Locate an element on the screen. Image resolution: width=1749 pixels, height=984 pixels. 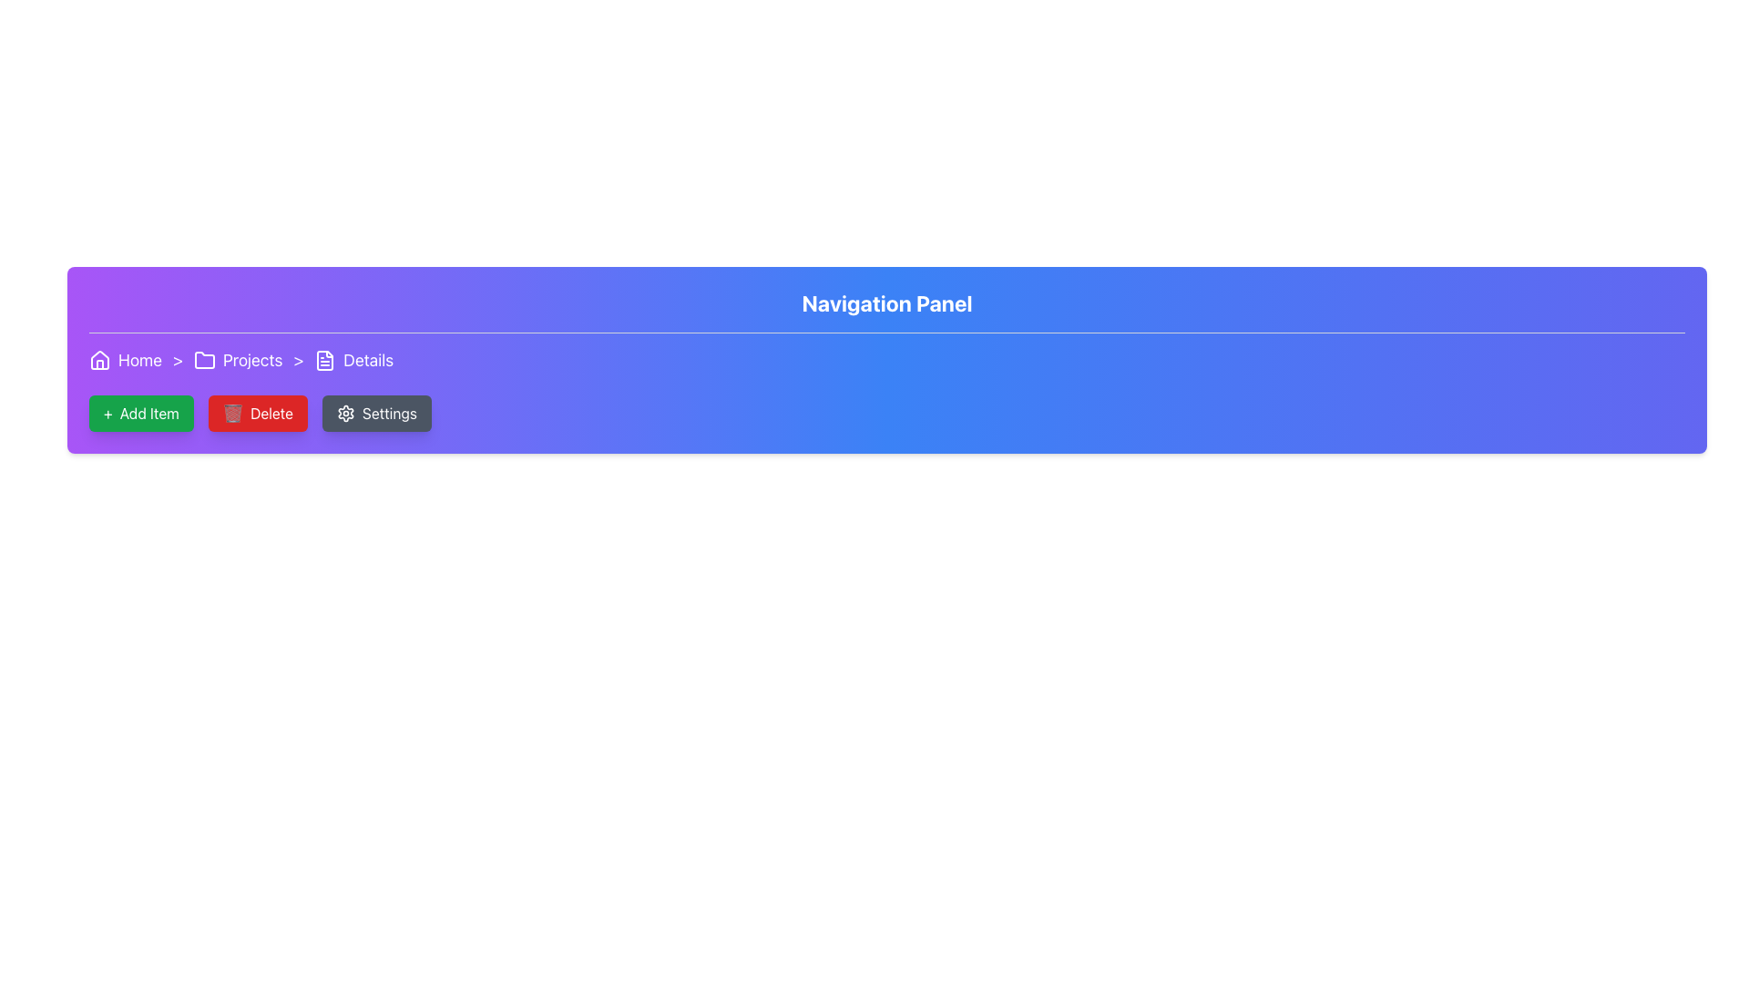
the settings icon located to the left of the 'Settings' text label, which is part of a group of action buttons at the bottom right of the navigation panel is located at coordinates (345, 414).